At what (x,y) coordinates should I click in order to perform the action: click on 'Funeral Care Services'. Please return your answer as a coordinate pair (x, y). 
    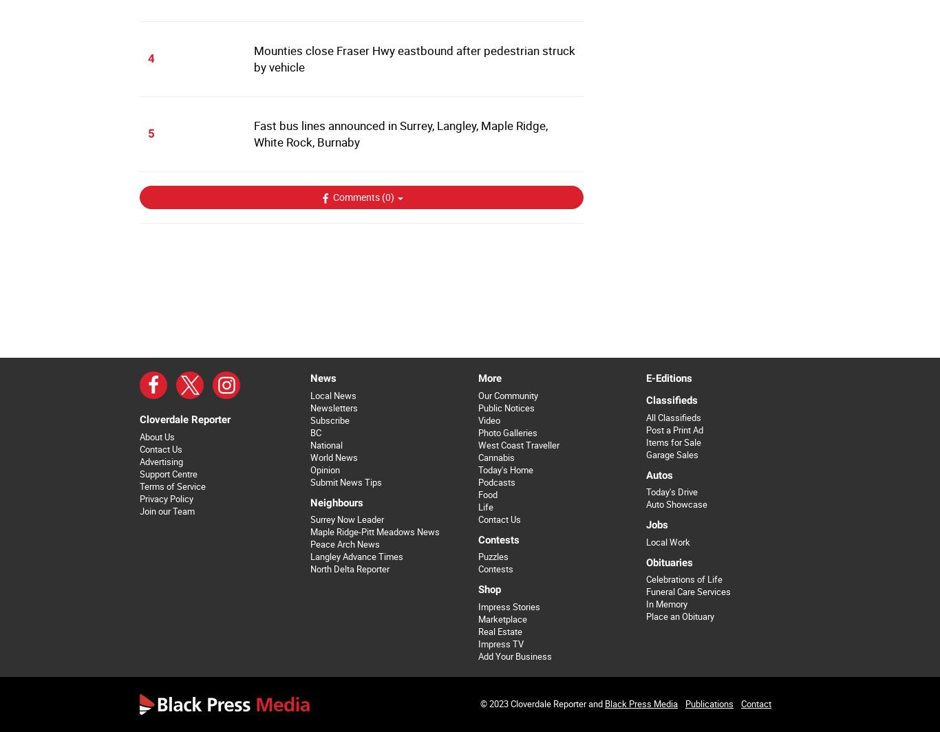
    Looking at the image, I should click on (645, 592).